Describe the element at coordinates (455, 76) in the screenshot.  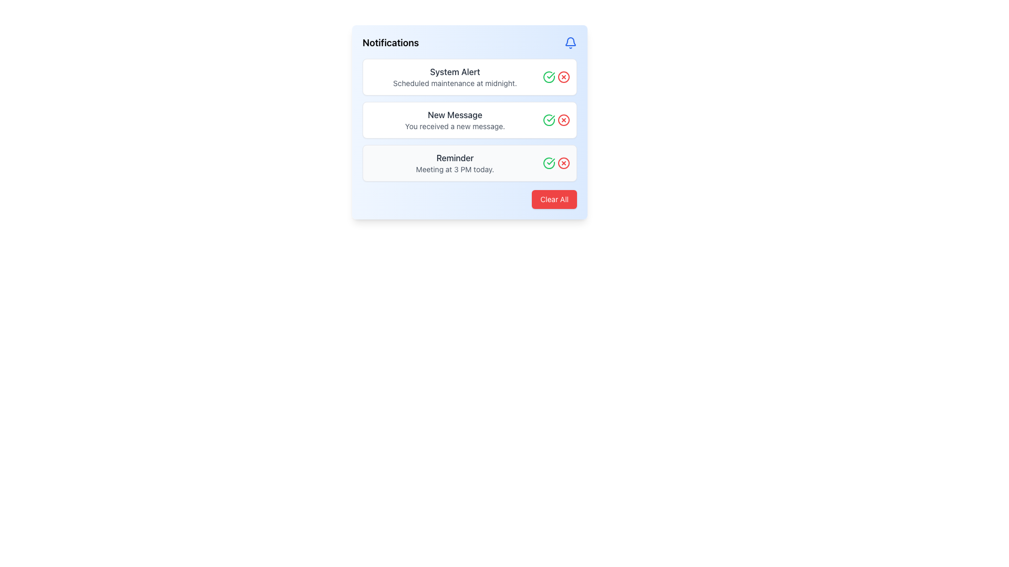
I see `the first notification entry in the vertical list of notifications within the notification panel that notifies the user about a scheduled maintenance event occurring at midnight` at that location.